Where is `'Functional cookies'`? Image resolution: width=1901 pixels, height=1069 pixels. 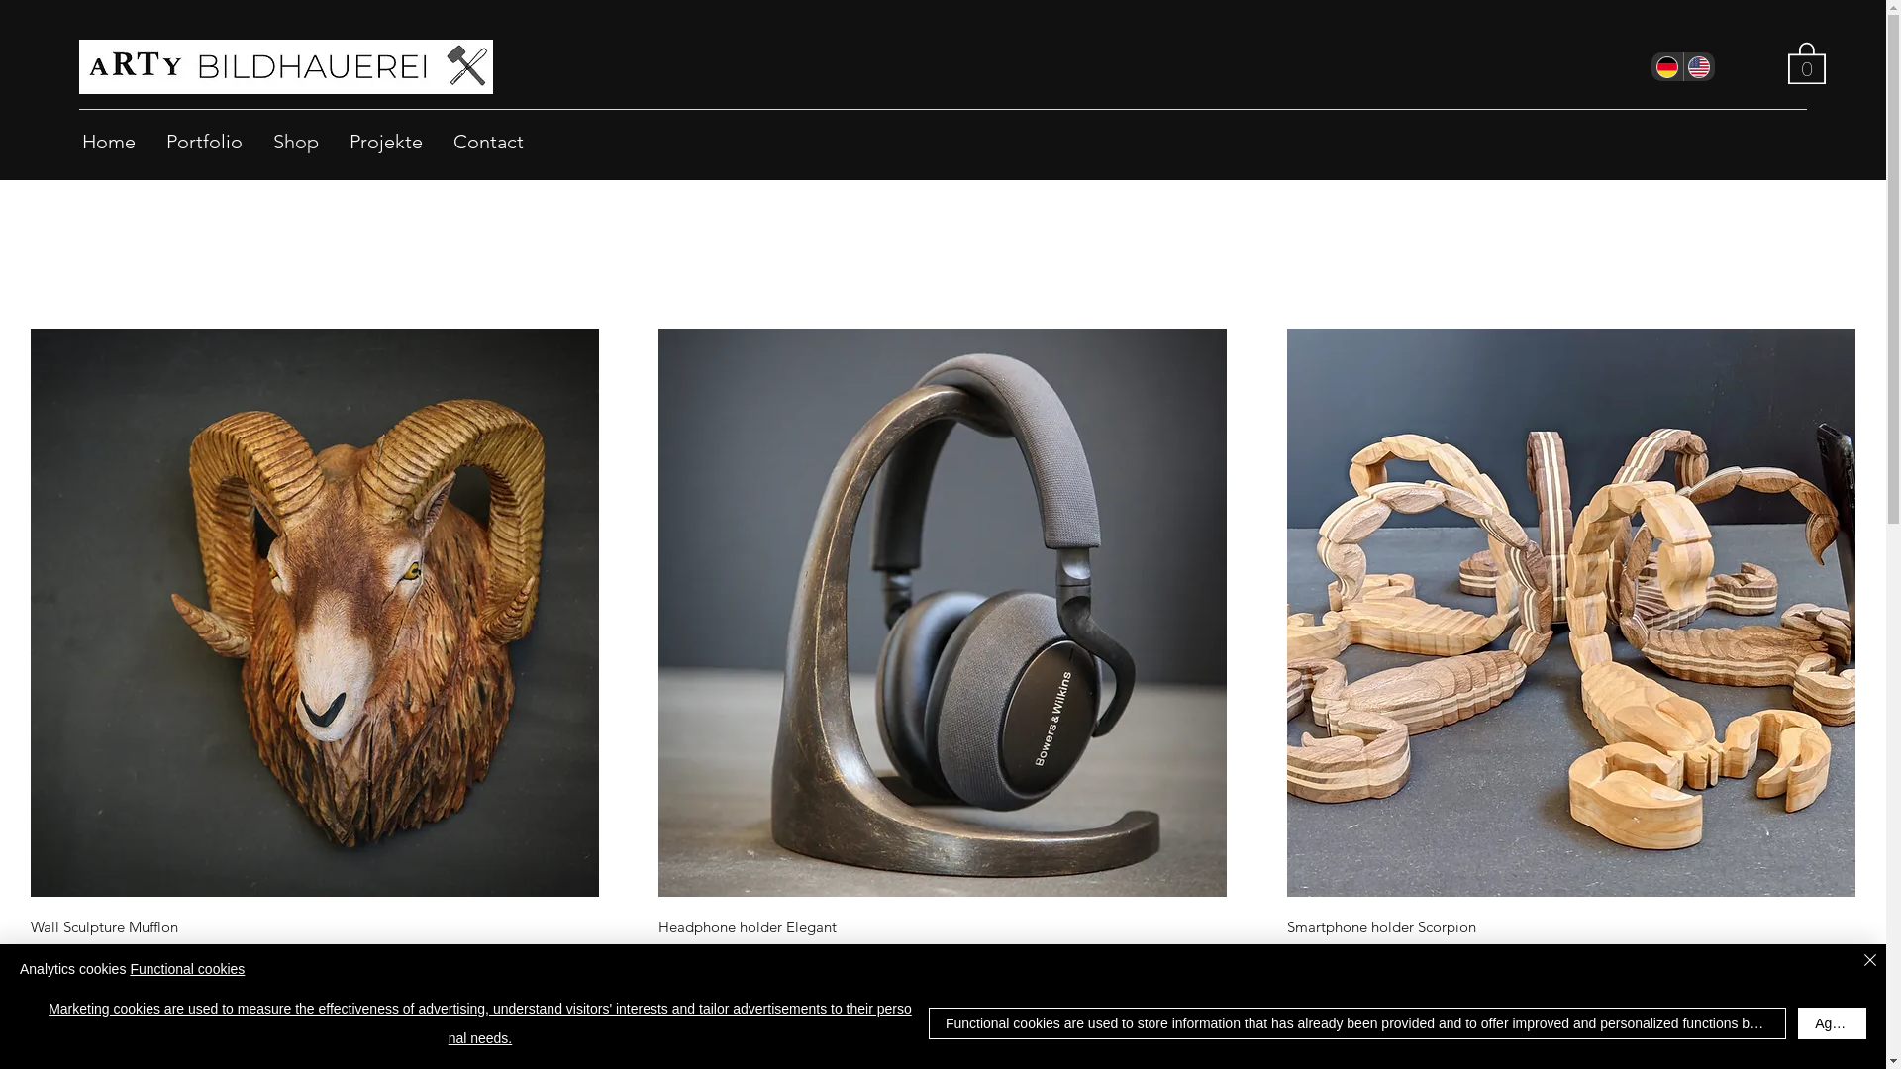
'Functional cookies' is located at coordinates (128, 968).